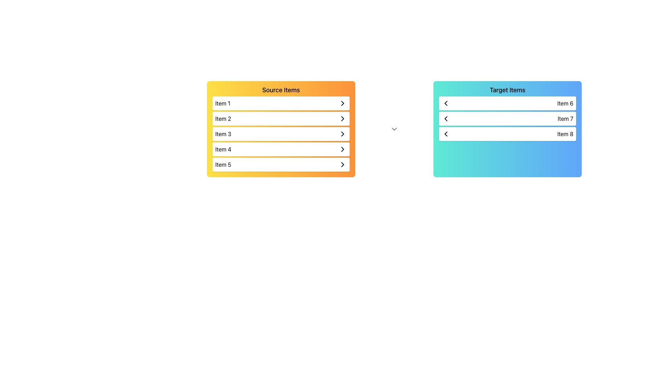 The width and height of the screenshot is (670, 376). I want to click on the left-facing chevron icon located before the text label 'Item 8' in the third row of the 'Target Items' group, so click(446, 134).